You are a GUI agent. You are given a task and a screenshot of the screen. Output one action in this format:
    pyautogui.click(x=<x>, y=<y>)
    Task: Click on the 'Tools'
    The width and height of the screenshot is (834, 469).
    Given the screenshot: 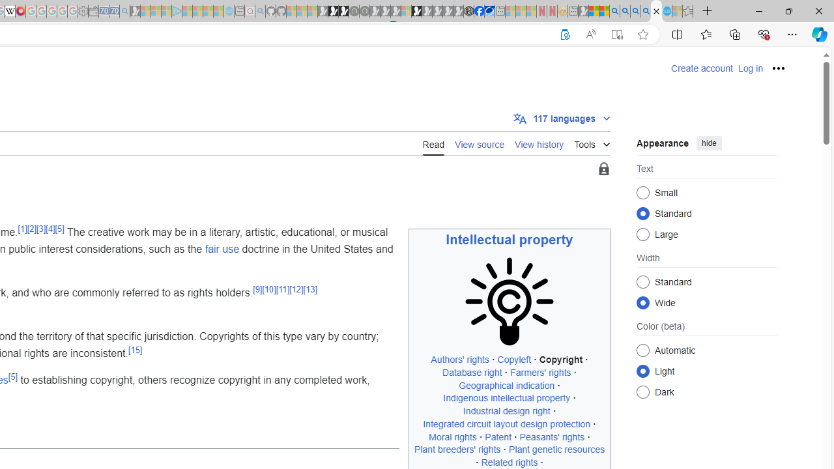 What is the action you would take?
    pyautogui.click(x=591, y=142)
    